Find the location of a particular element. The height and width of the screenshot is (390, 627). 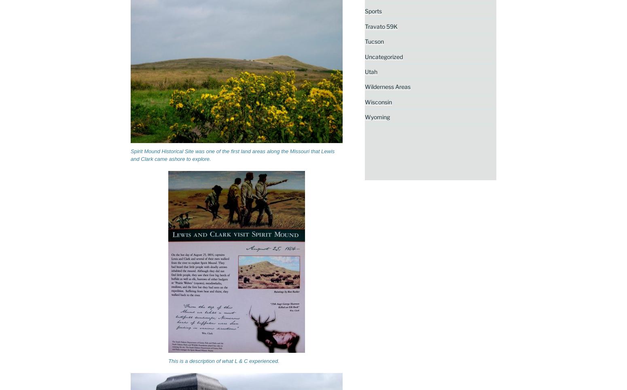

'Utah' is located at coordinates (364, 71).